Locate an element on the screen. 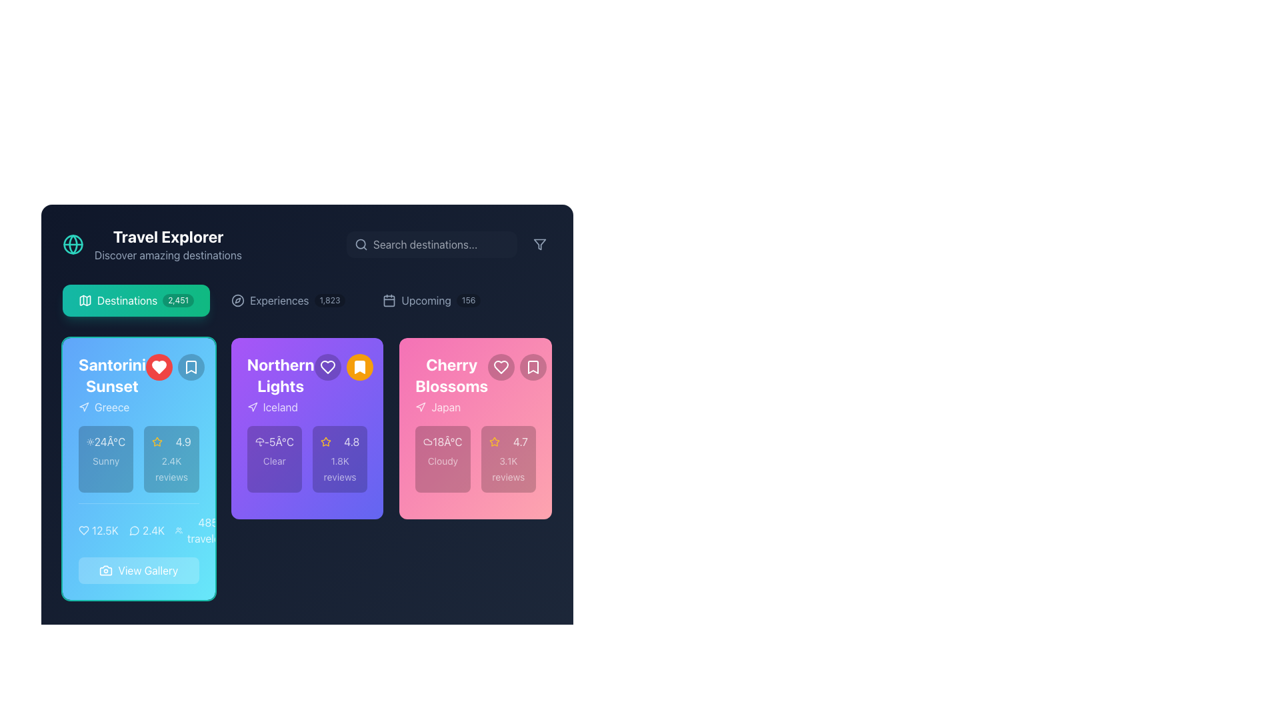 The width and height of the screenshot is (1280, 720). the informational card displaying details about 'Cherry Blossoms' in Japan is located at coordinates (475, 468).